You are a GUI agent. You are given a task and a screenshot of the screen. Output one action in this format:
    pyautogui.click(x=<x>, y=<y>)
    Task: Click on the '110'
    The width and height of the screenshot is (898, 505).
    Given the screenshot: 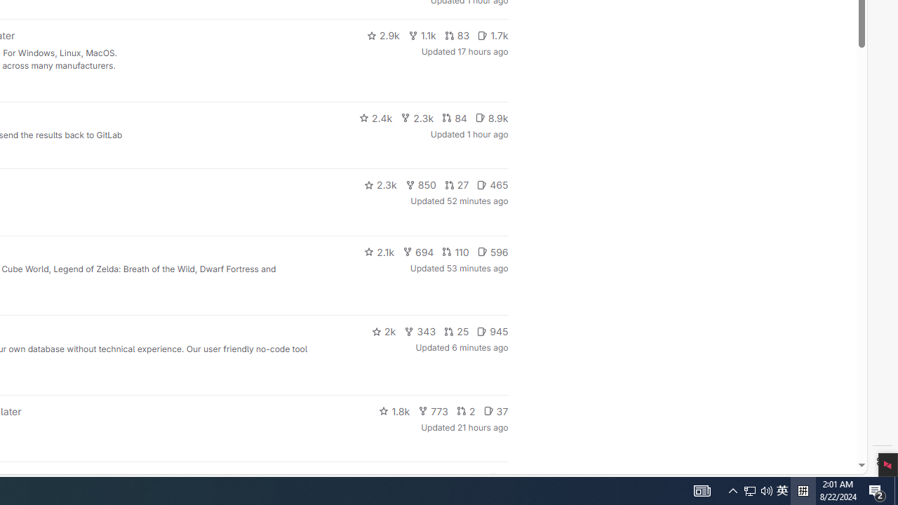 What is the action you would take?
    pyautogui.click(x=455, y=250)
    